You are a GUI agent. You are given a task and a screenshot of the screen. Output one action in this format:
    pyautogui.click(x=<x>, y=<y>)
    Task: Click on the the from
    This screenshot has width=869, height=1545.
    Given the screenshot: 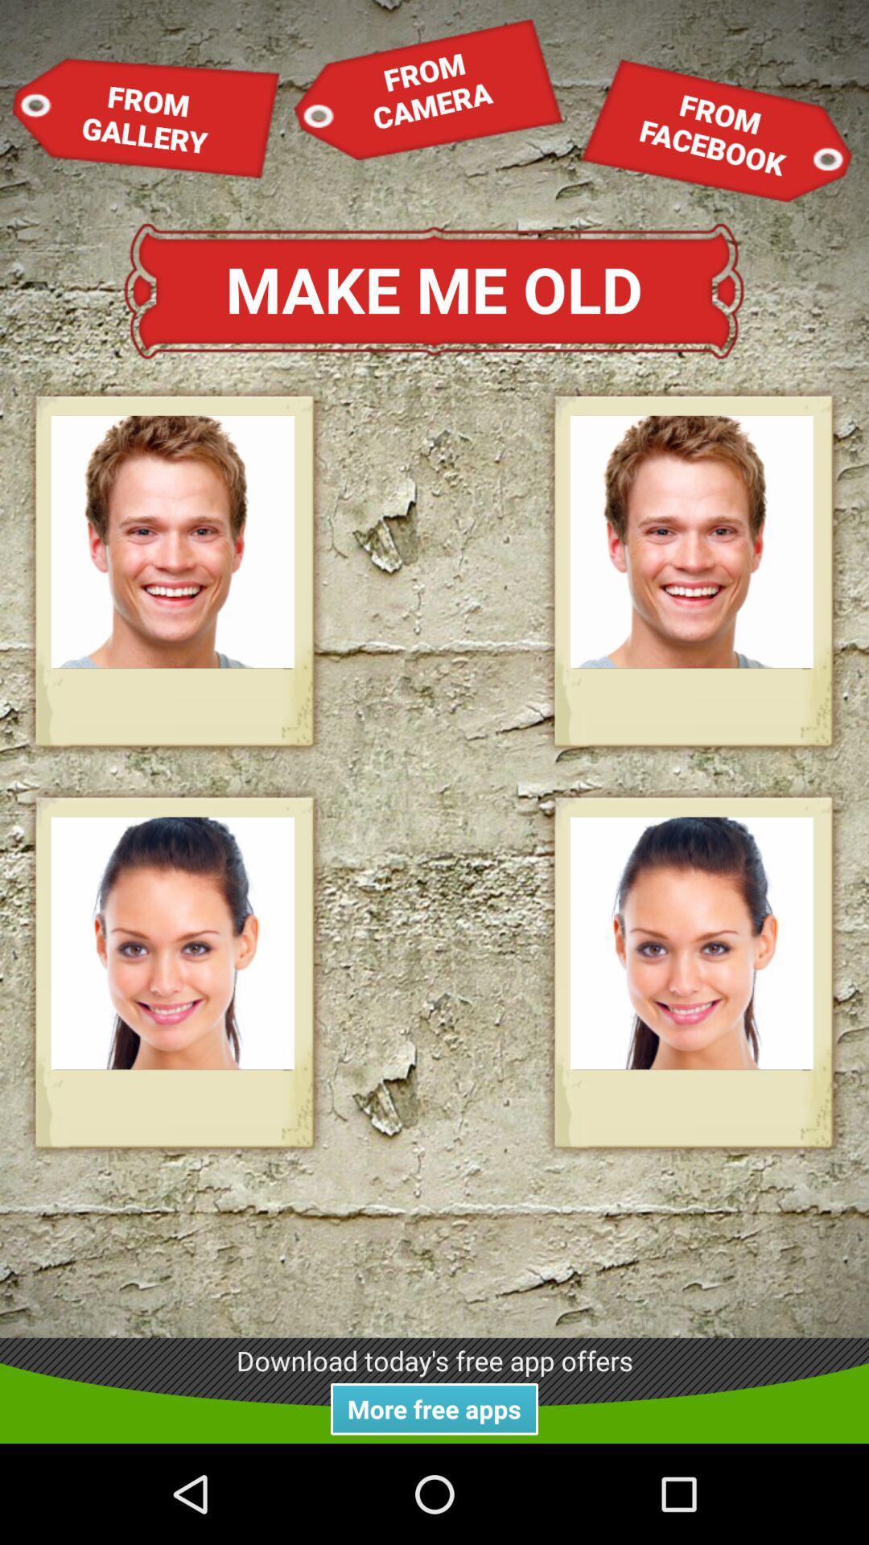 What is the action you would take?
    pyautogui.click(x=146, y=117)
    